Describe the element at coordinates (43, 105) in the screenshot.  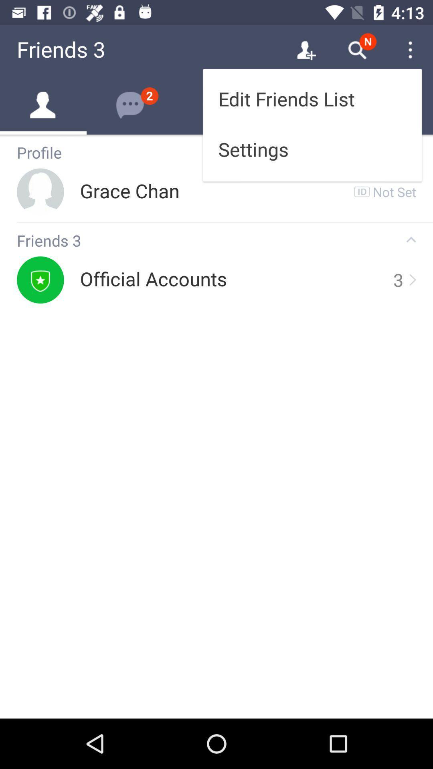
I see `the avatar icon` at that location.